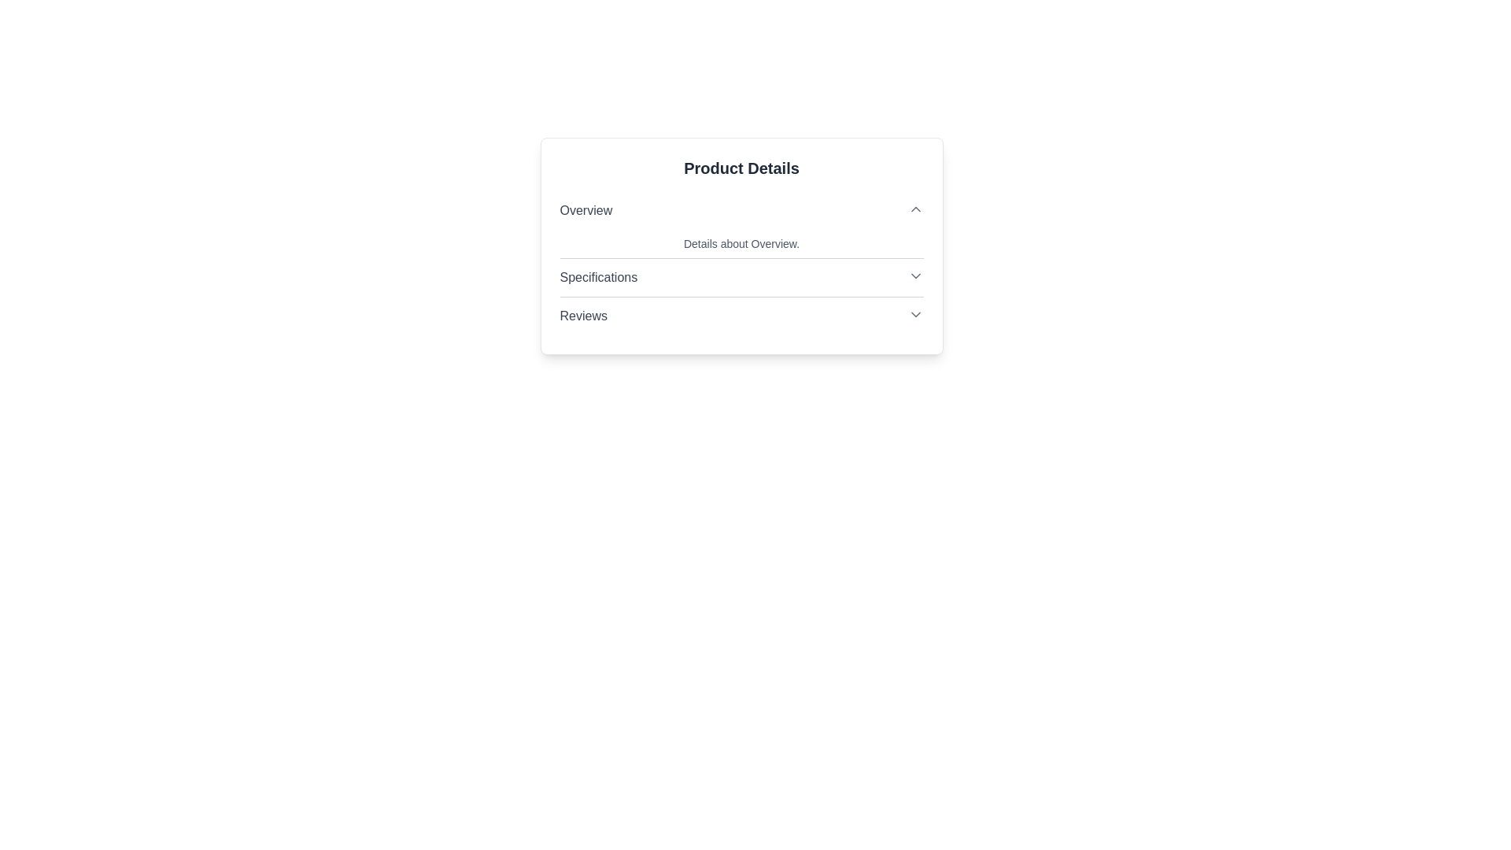 The height and width of the screenshot is (850, 1511). What do you see at coordinates (741, 263) in the screenshot?
I see `the collapsible section in the 'Product Details' card` at bounding box center [741, 263].